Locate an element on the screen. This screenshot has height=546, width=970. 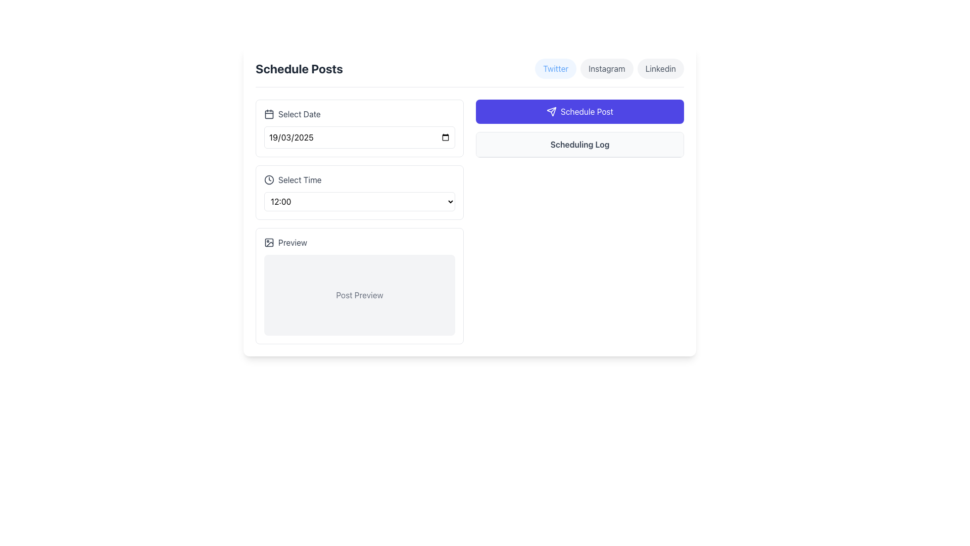
the static text header for the scheduling log, positioned below the 'Schedule Post' button and aligned horizontally with it is located at coordinates (579, 145).